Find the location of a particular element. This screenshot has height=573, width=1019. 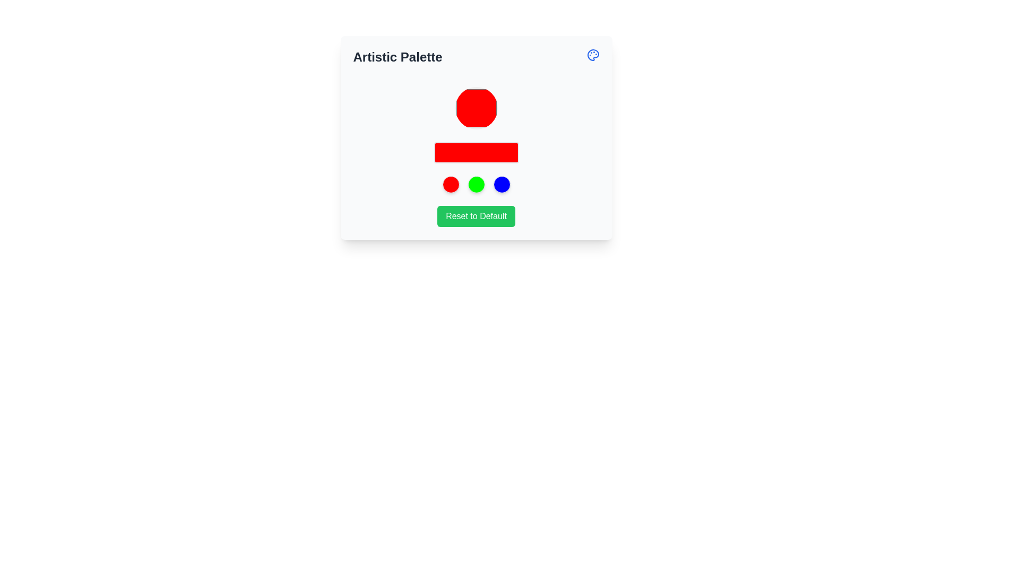

the artistic palette icon located in the top-right corner of the 'Artistic Palette' card is located at coordinates (592, 55).